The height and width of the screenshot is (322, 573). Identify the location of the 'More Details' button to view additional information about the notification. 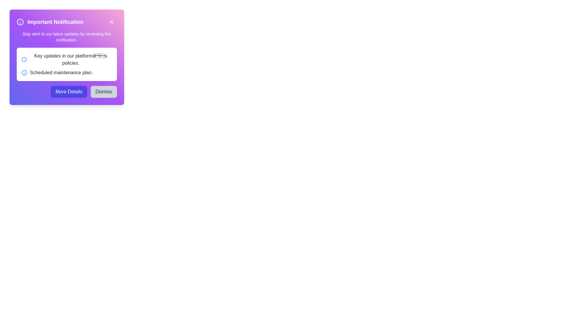
(69, 92).